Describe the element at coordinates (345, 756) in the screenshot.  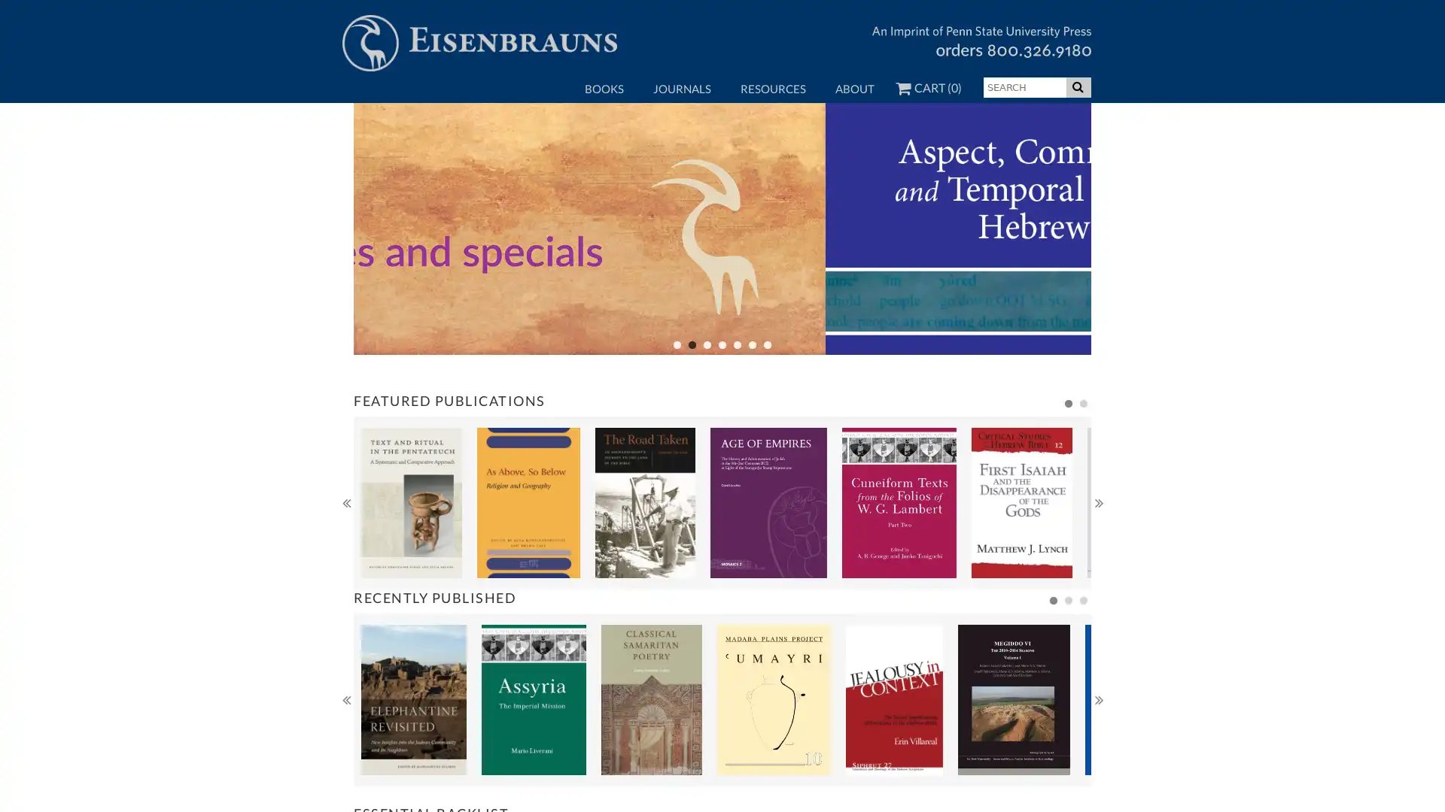
I see `Previous` at that location.